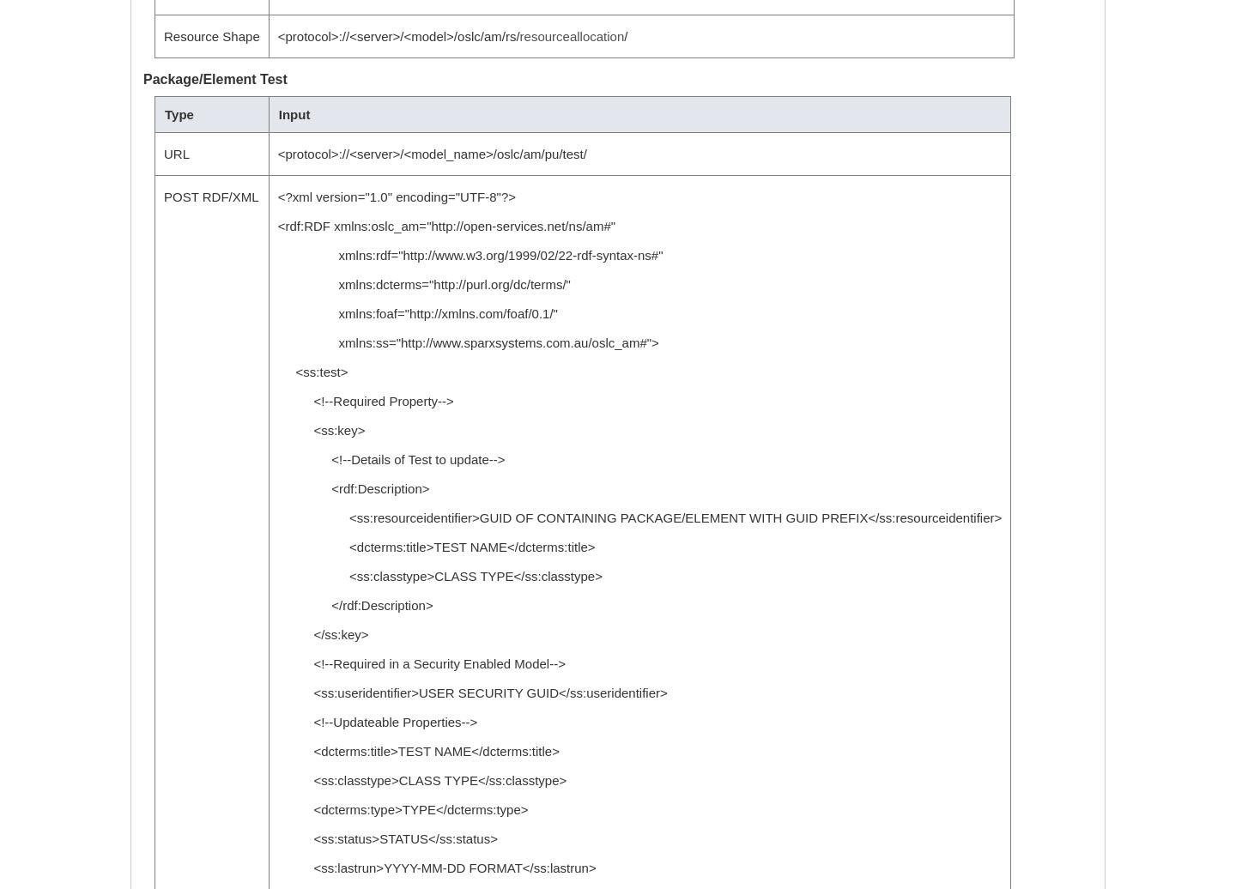  What do you see at coordinates (163, 36) in the screenshot?
I see `'Resource Shape'` at bounding box center [163, 36].